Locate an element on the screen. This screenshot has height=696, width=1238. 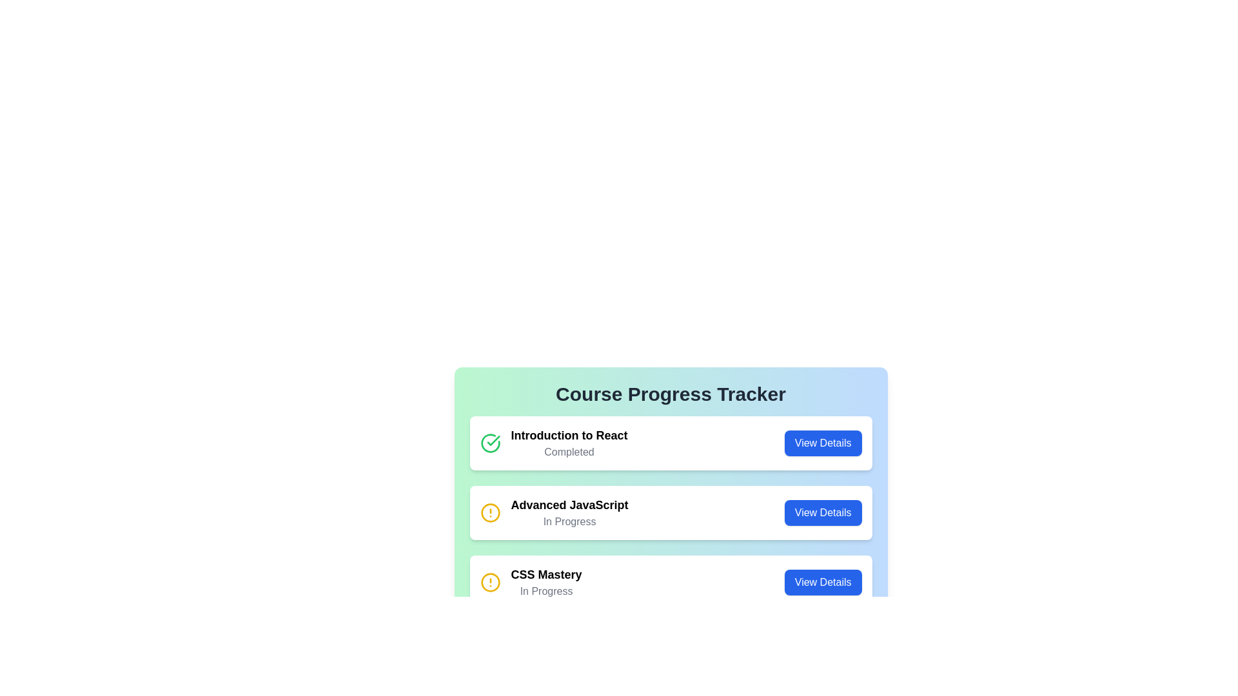
the title text for the course item 'Advanced JavaScript' located in the second item of the 'Course Progress Tracker' list, positioned above 'In Progress' and to the left of the 'View Details' button is located at coordinates (569, 504).